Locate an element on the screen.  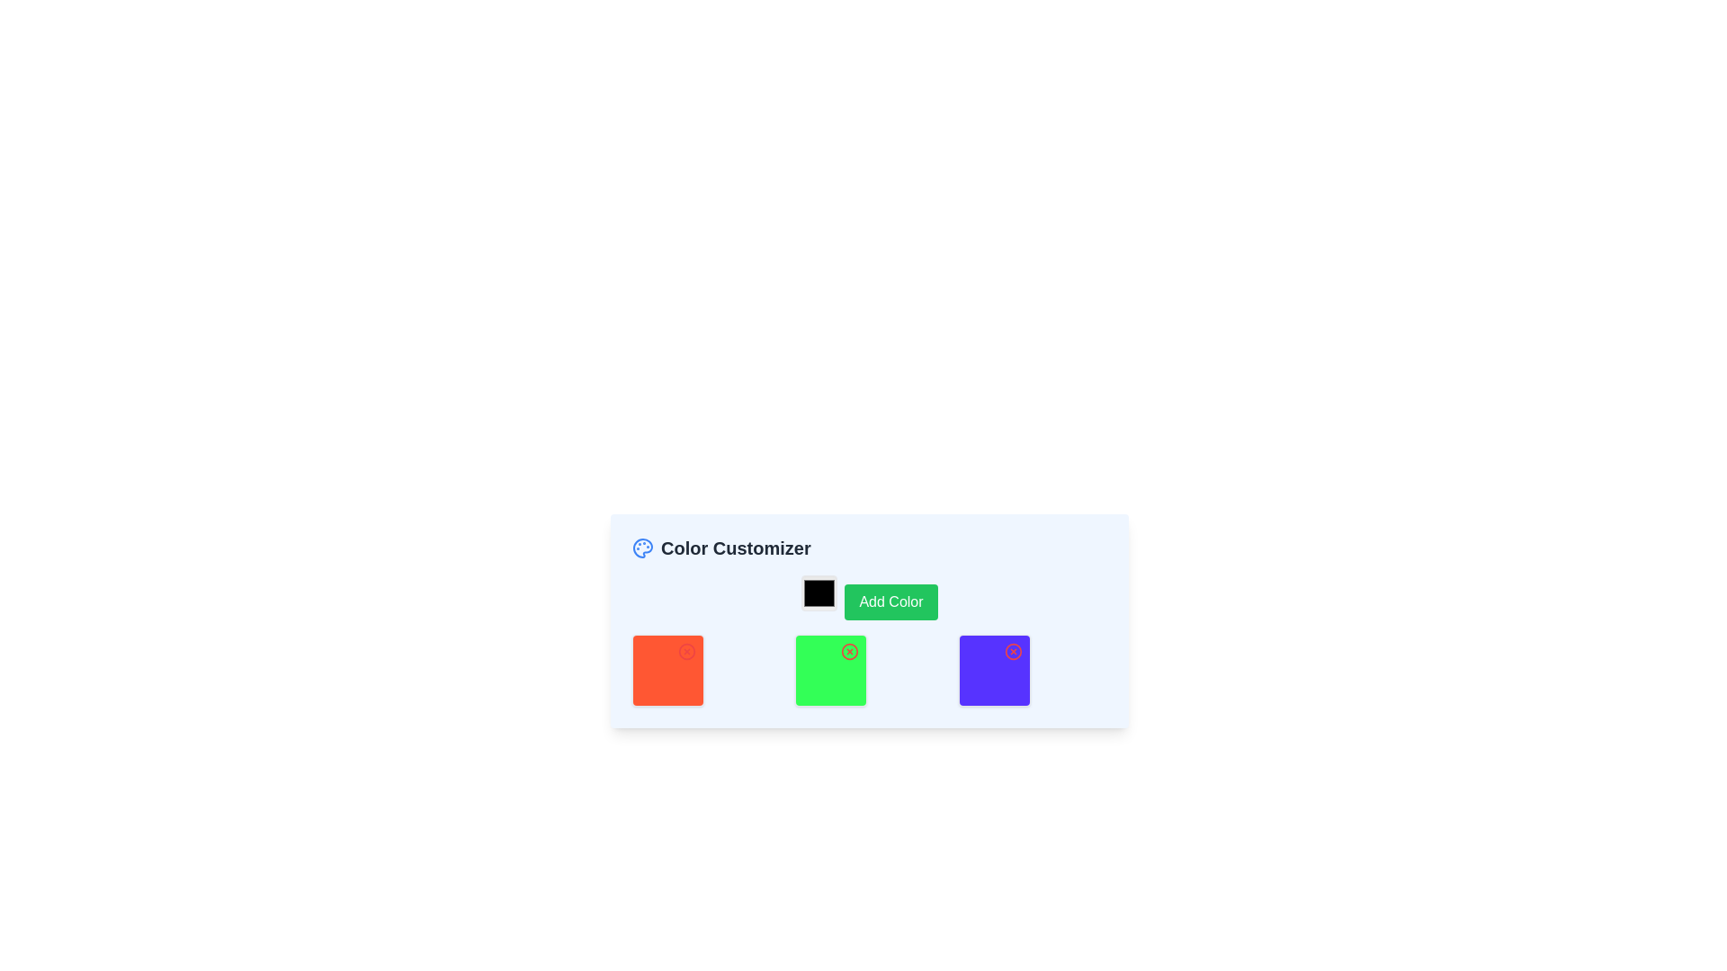
the blue palette icon located to the left of the 'Color Customizer' text to interact with it is located at coordinates (643, 547).